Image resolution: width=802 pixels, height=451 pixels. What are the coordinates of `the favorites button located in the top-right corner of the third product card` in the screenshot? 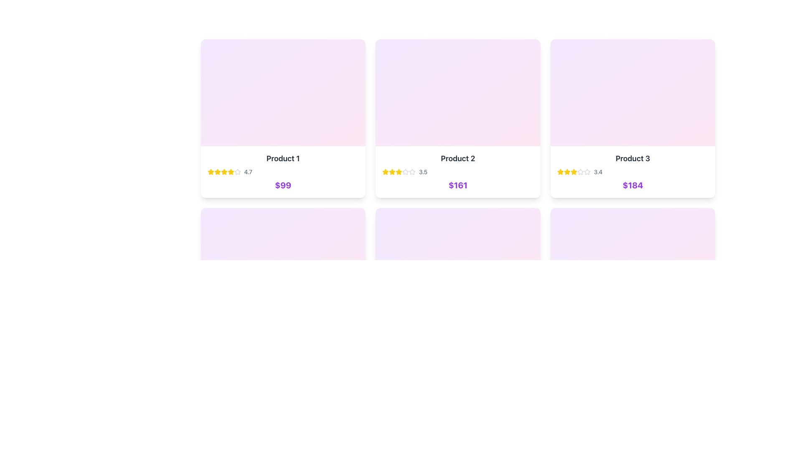 It's located at (693, 51).